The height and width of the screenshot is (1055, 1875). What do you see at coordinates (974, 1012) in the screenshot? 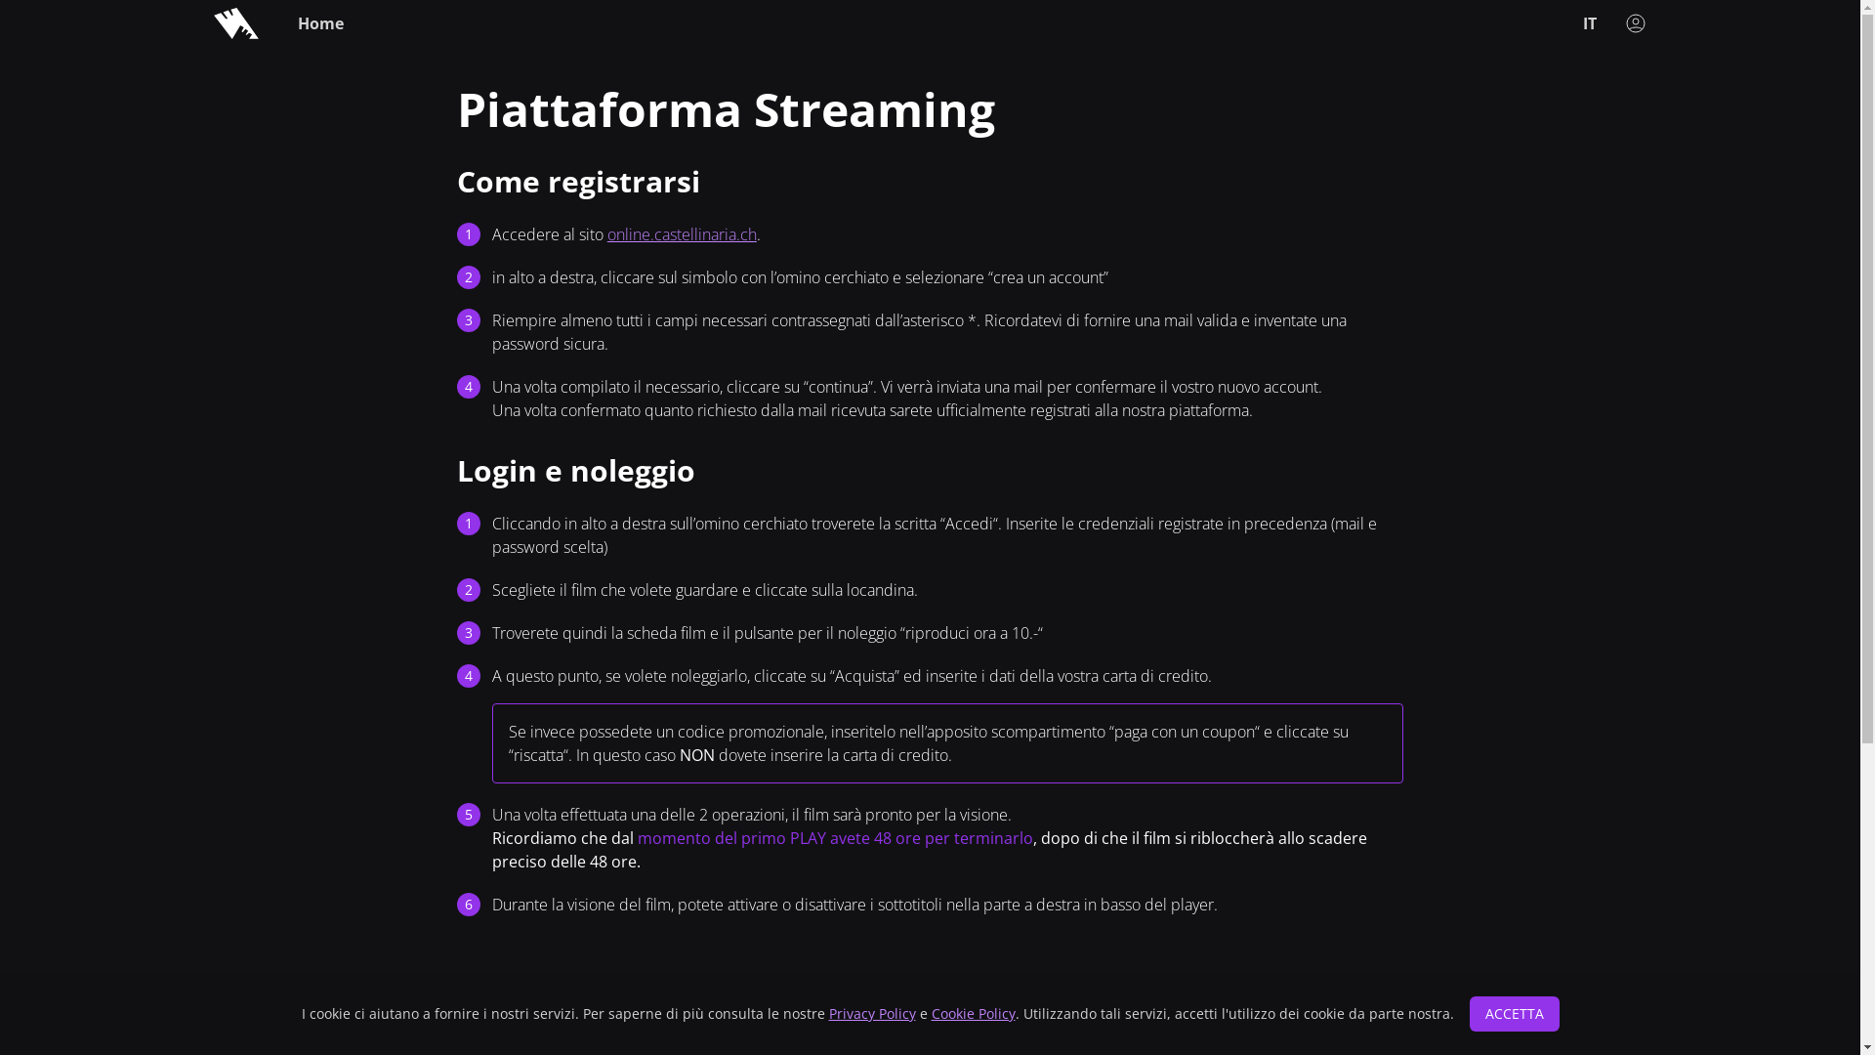
I see `'Cookie Policy'` at bounding box center [974, 1012].